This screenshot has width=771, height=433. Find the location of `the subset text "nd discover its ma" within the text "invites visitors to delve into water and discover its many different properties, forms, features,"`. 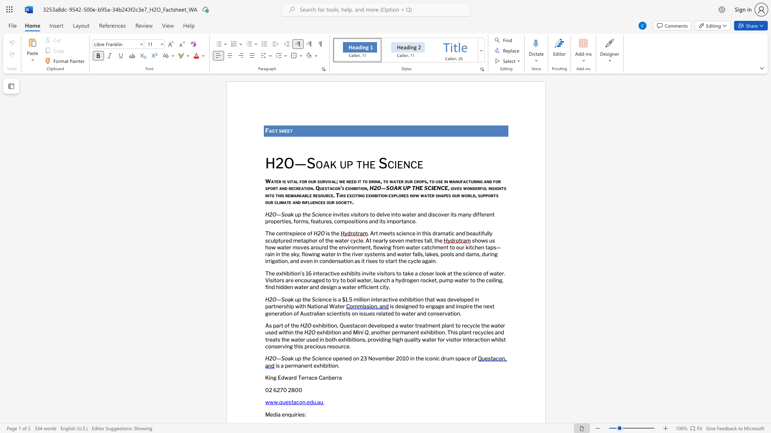

the subset text "nd discover its ma" within the text "invites visitors to delve into water and discover its many different properties, forms, features," is located at coordinates (420, 214).